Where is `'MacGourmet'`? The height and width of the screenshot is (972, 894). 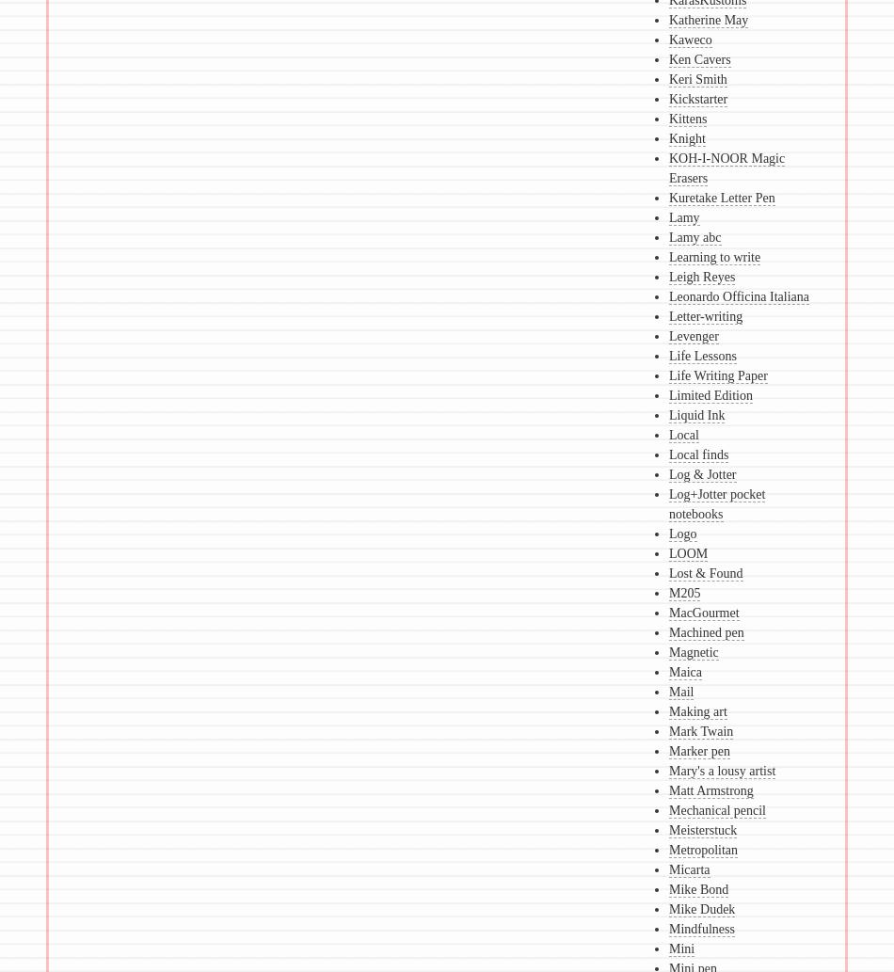 'MacGourmet' is located at coordinates (702, 612).